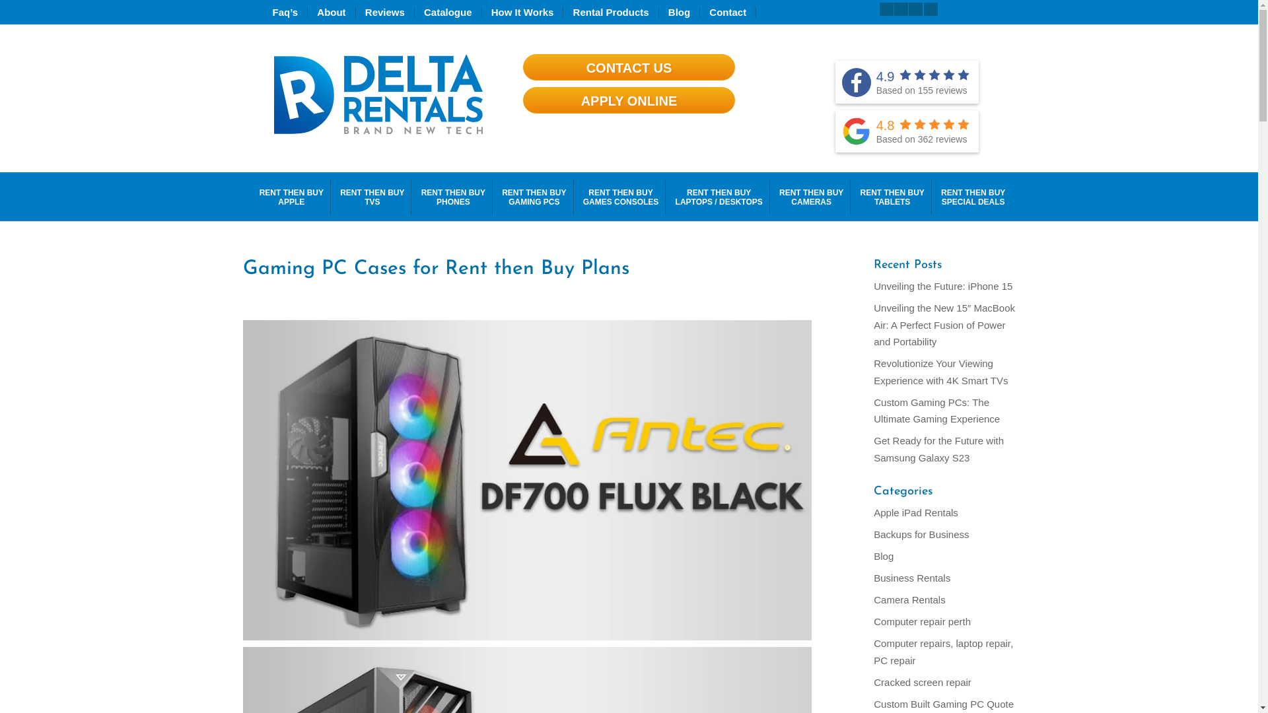 The image size is (1268, 713). Describe the element at coordinates (719, 197) in the screenshot. I see `'RENT THEN BUY` at that location.